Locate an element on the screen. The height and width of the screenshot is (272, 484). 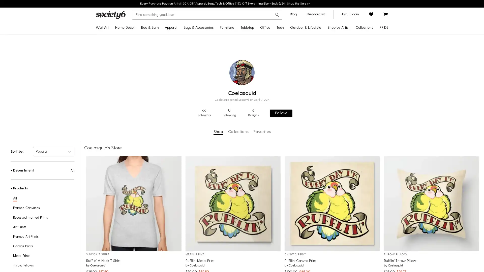
Folding Stools is located at coordinates (312, 138).